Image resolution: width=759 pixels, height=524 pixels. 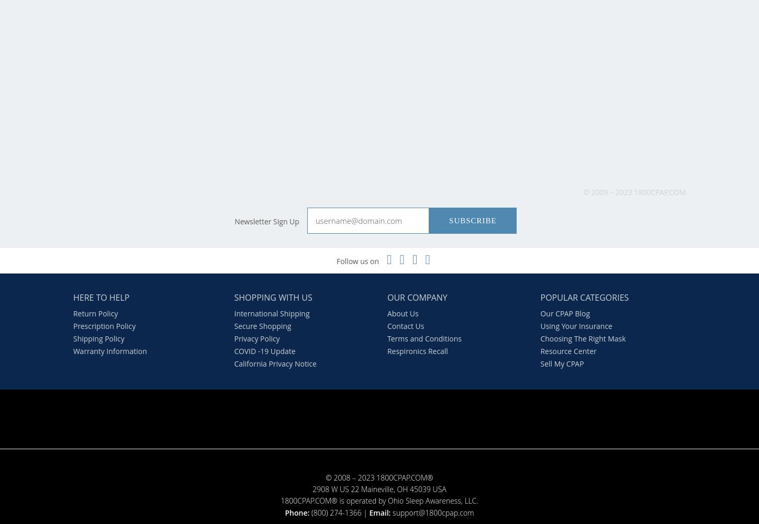 What do you see at coordinates (540, 325) in the screenshot?
I see `'Using Your Insurance'` at bounding box center [540, 325].